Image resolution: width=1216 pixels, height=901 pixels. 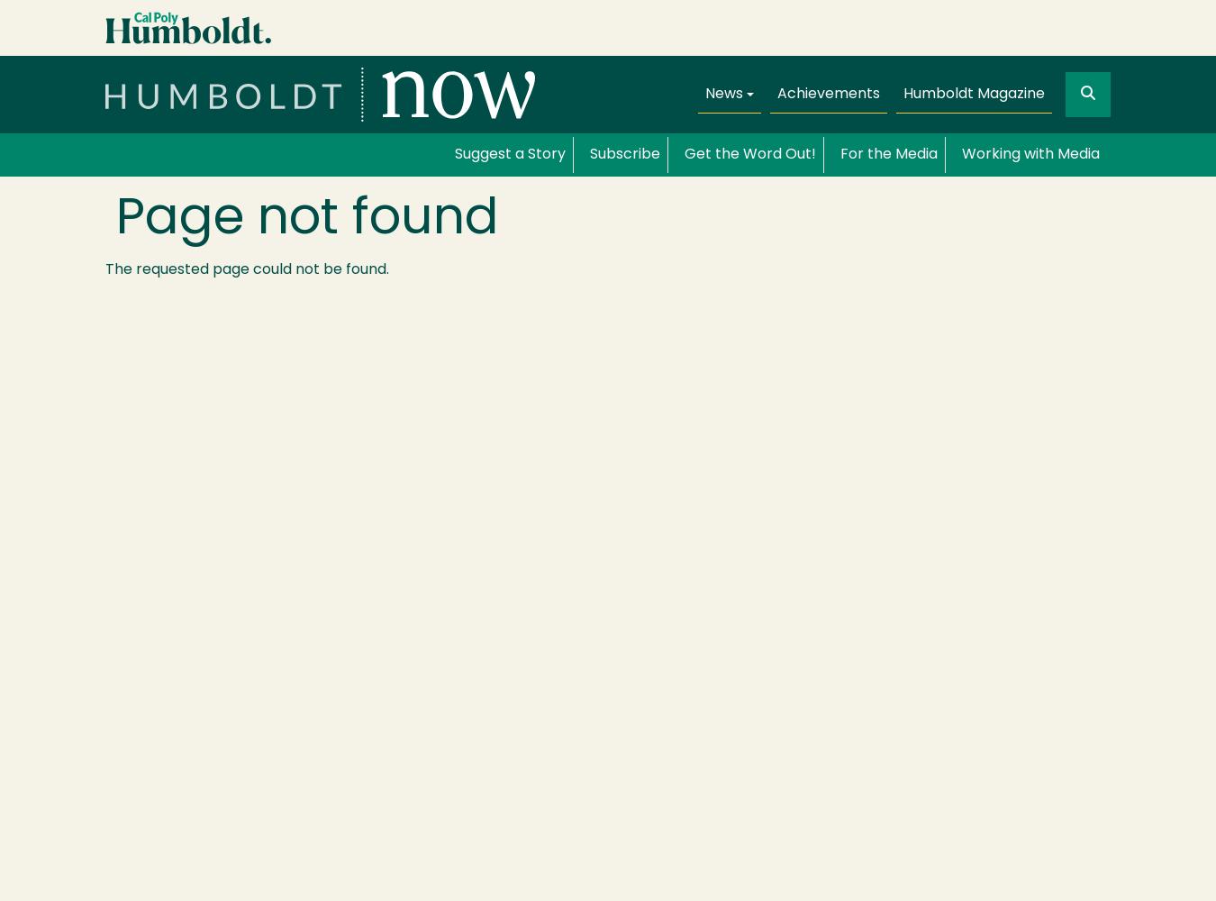 I want to click on 'Page not found', so click(x=307, y=220).